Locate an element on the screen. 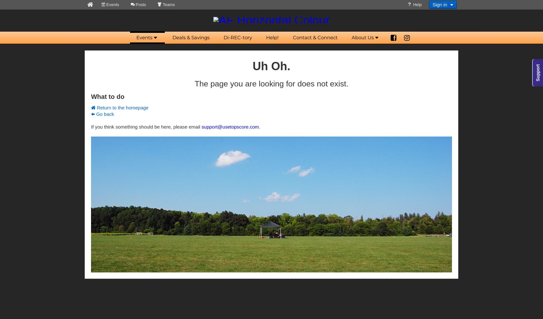  'About Us' is located at coordinates (362, 37).